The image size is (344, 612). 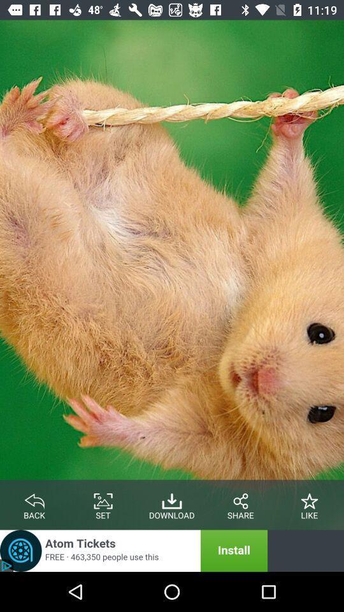 What do you see at coordinates (133, 550) in the screenshot?
I see `advertisement` at bounding box center [133, 550].